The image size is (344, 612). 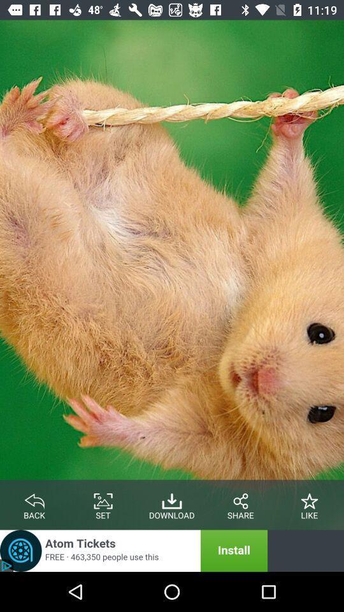 What do you see at coordinates (133, 550) in the screenshot?
I see `advertisement` at bounding box center [133, 550].